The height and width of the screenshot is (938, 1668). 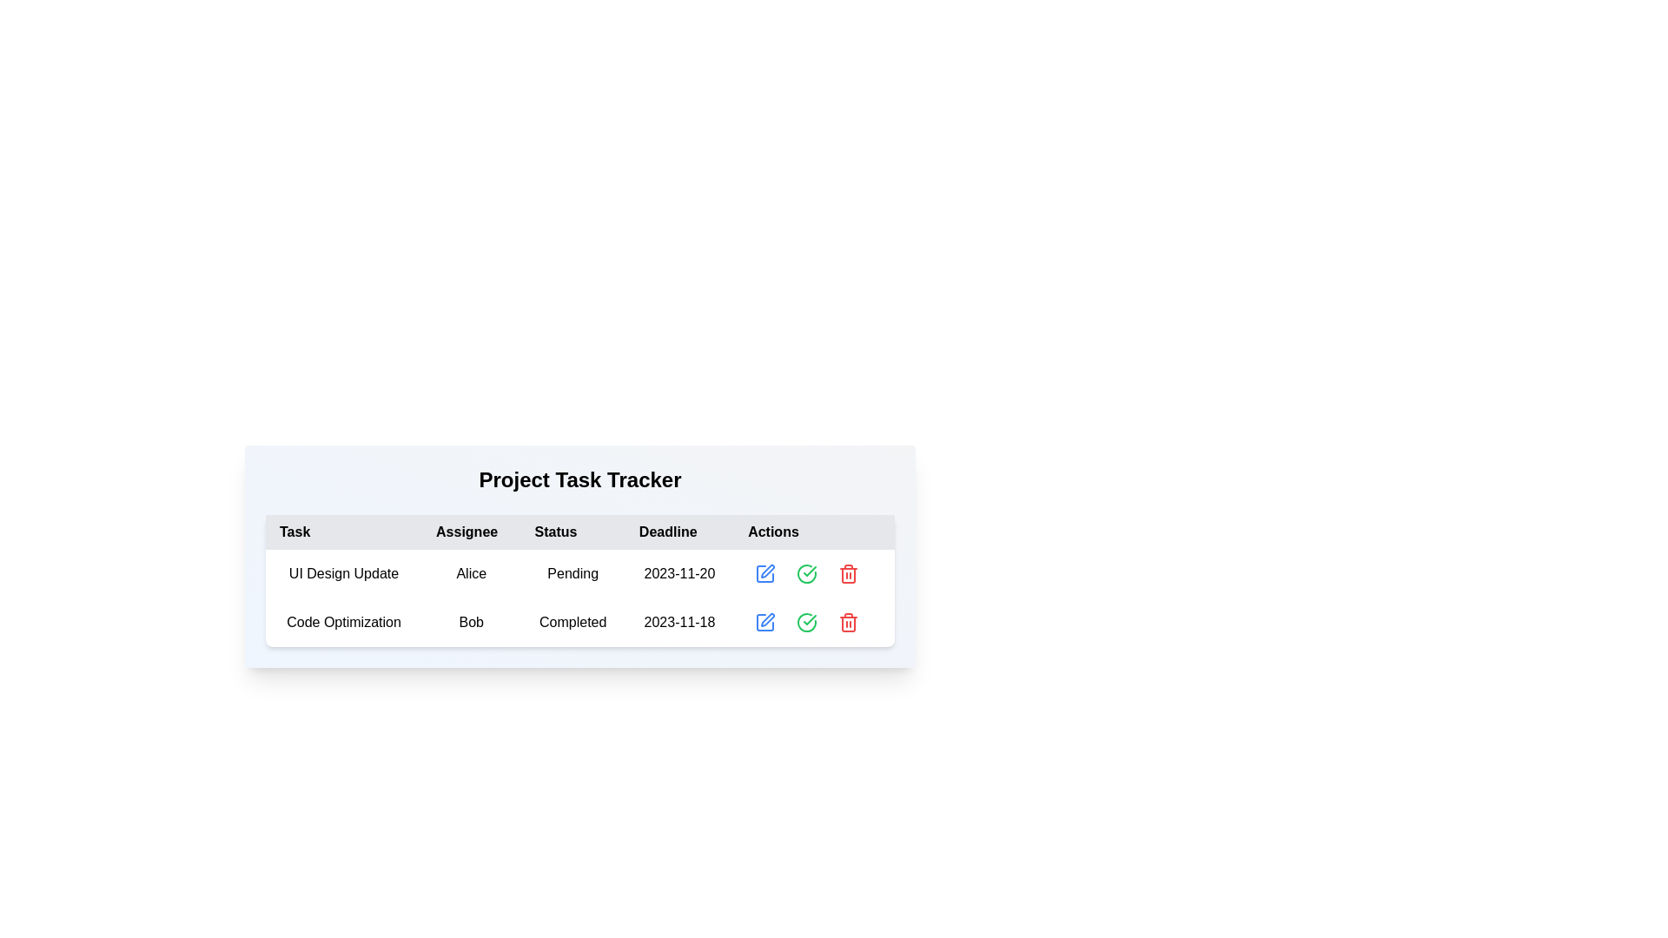 What do you see at coordinates (767, 618) in the screenshot?
I see `the edit action icon button located in the 'Actions' column of the second row, adjacent to the task description 'Code Optimization', for keyboard interaction` at bounding box center [767, 618].